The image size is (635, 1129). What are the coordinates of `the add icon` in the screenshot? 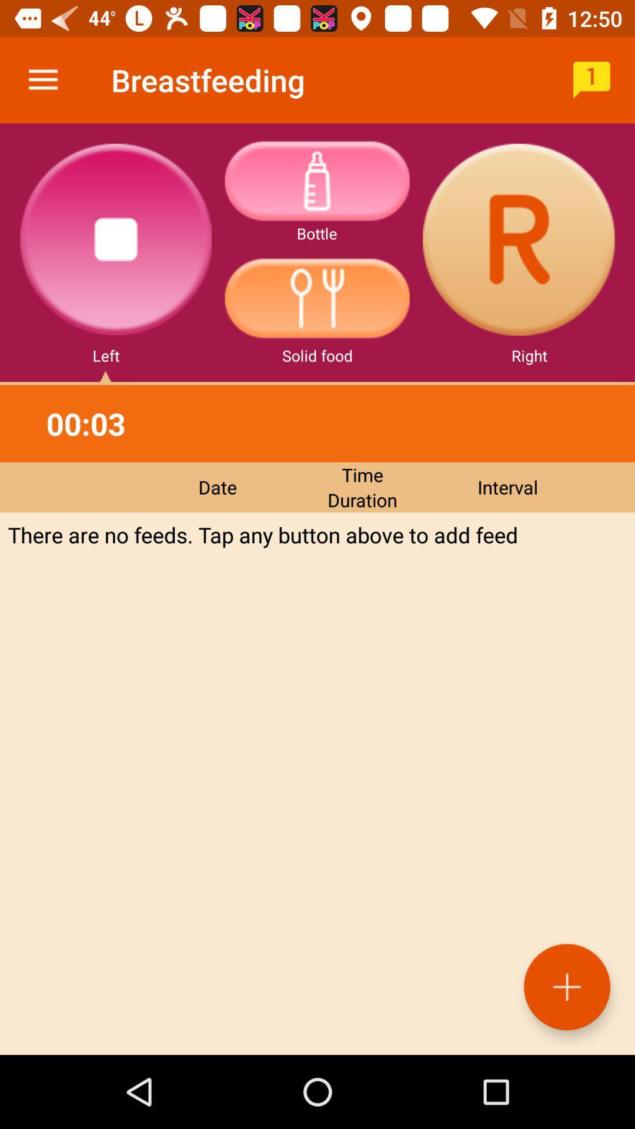 It's located at (566, 987).